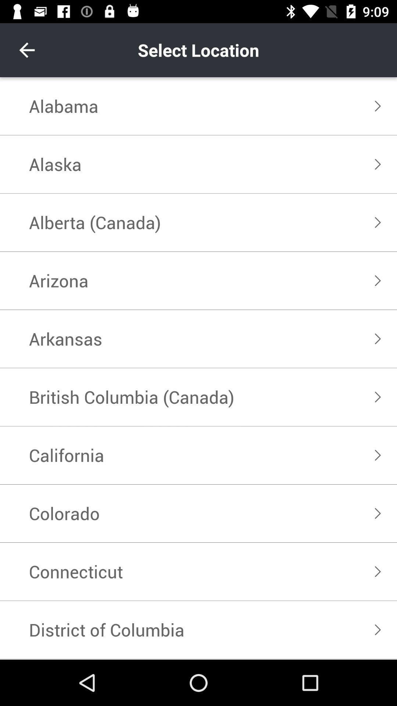 The width and height of the screenshot is (397, 706). What do you see at coordinates (26, 50) in the screenshot?
I see `item above the alabama item` at bounding box center [26, 50].